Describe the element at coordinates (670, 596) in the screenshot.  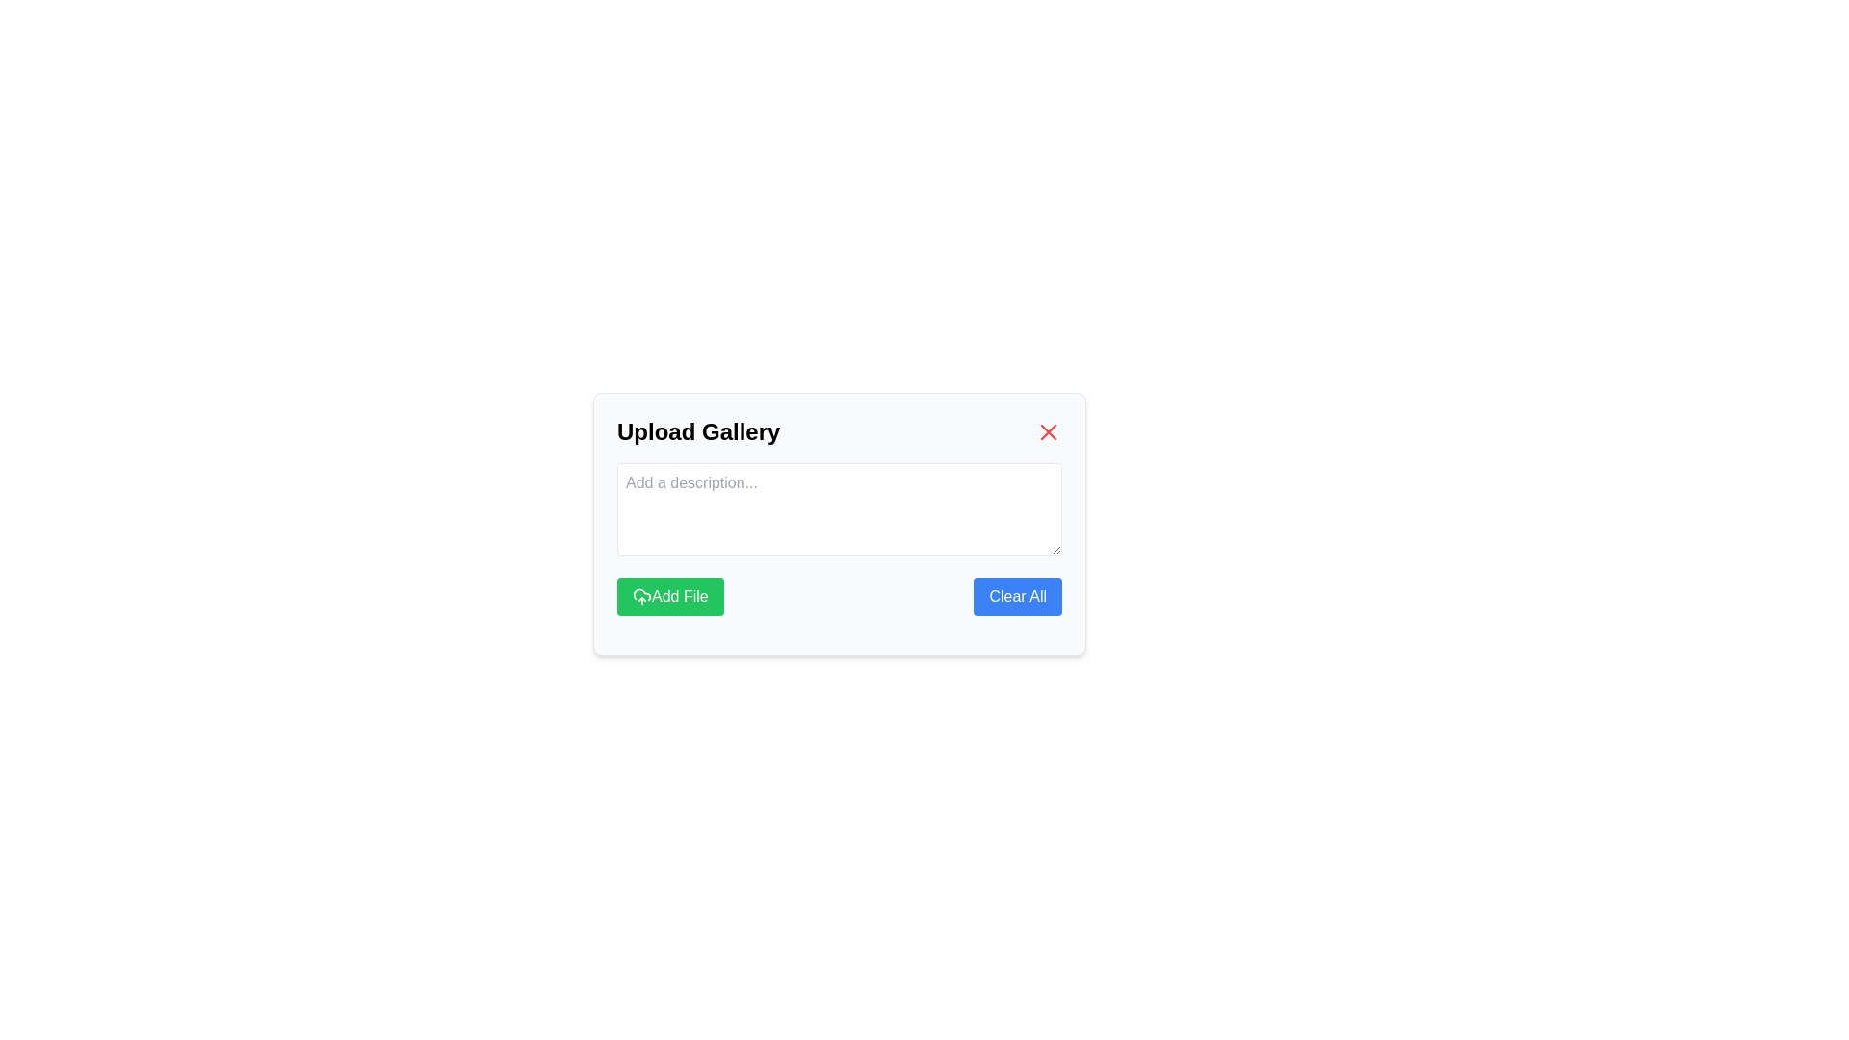
I see `the 'Add File' button, which is a rectangular button with a green background and white text, located at the bottom left of the central dialog interface` at that location.